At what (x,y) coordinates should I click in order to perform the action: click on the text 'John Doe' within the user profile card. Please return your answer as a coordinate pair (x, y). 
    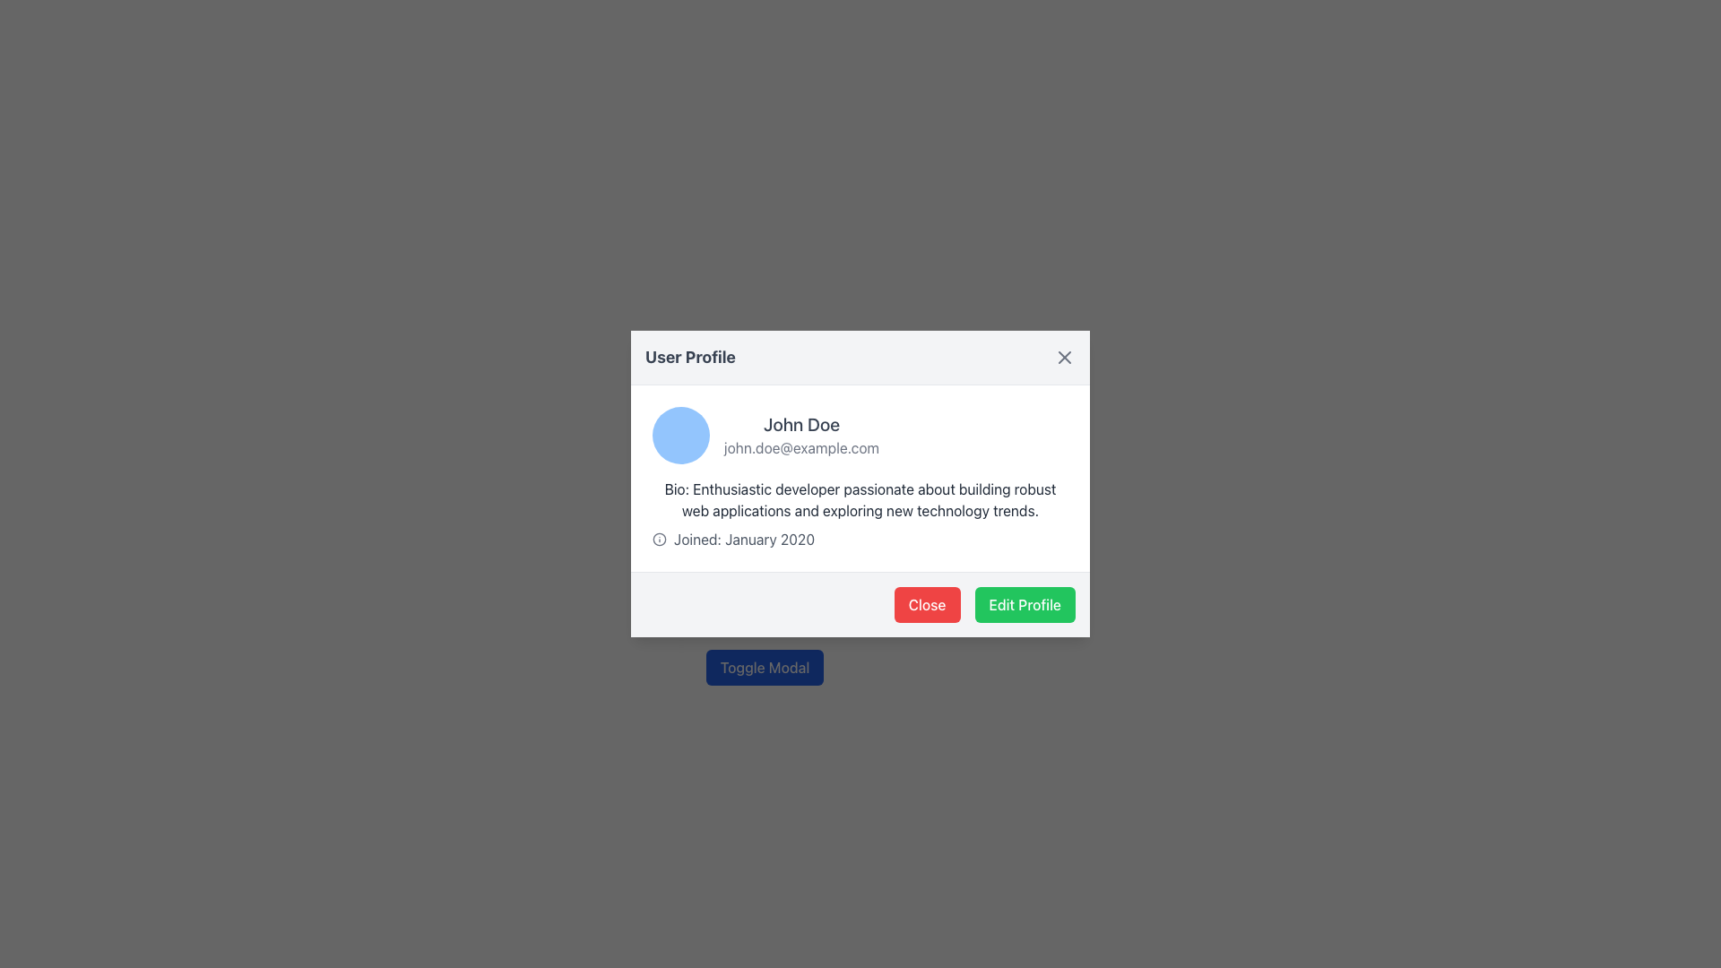
    Looking at the image, I should click on (800, 425).